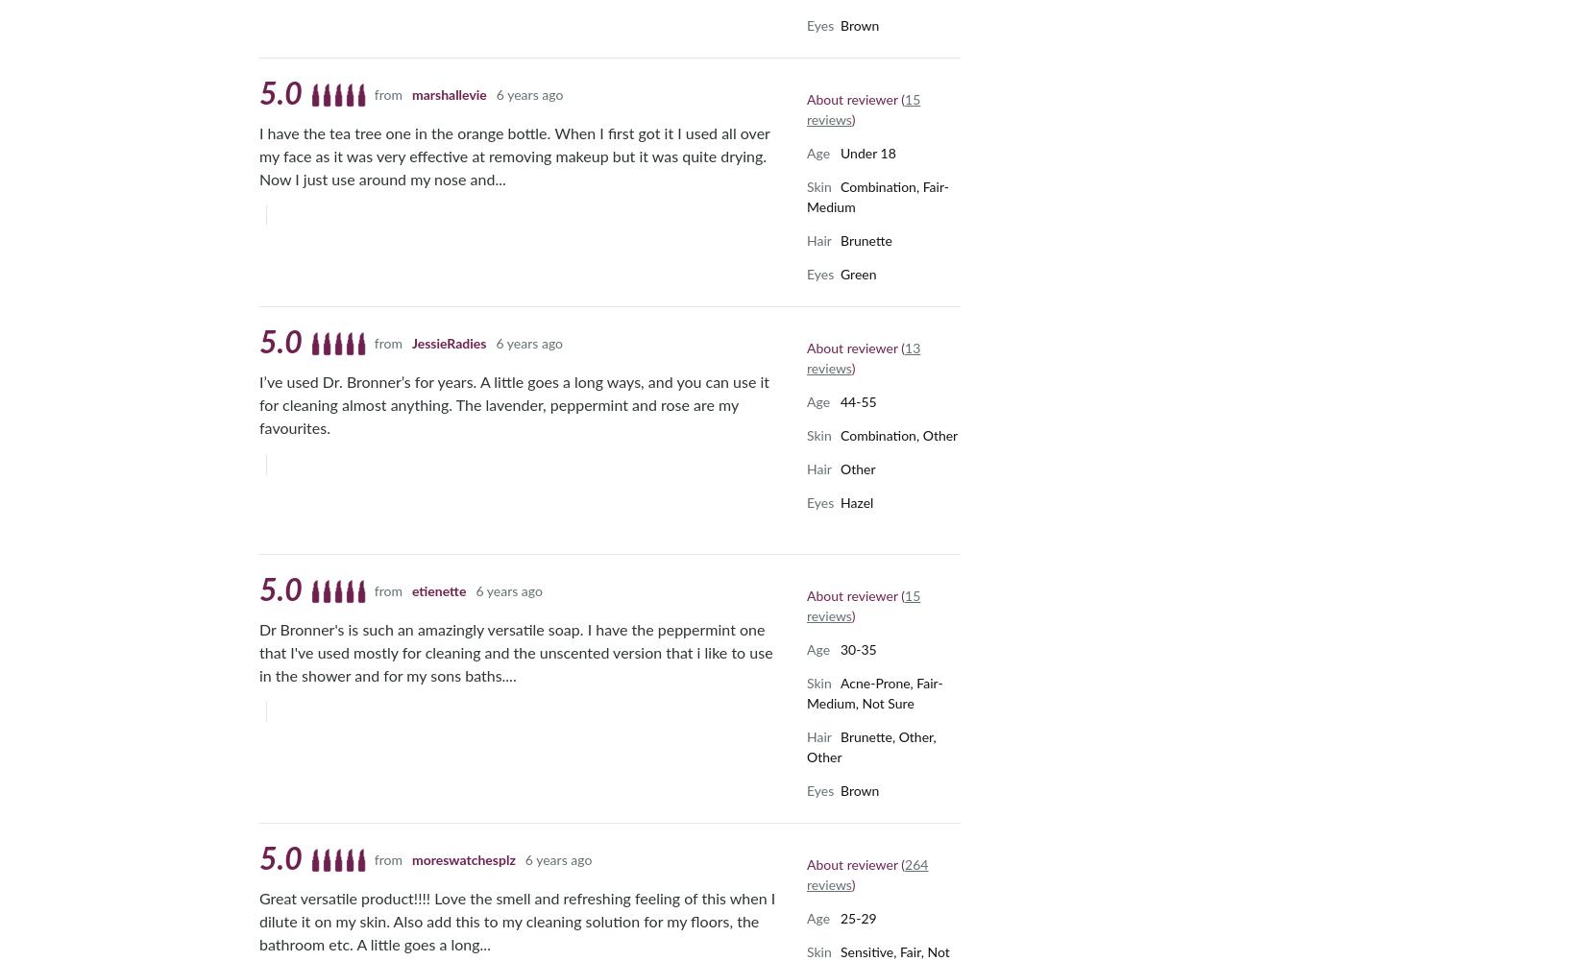  I want to click on 'Brunette, Other, Other', so click(871, 747).